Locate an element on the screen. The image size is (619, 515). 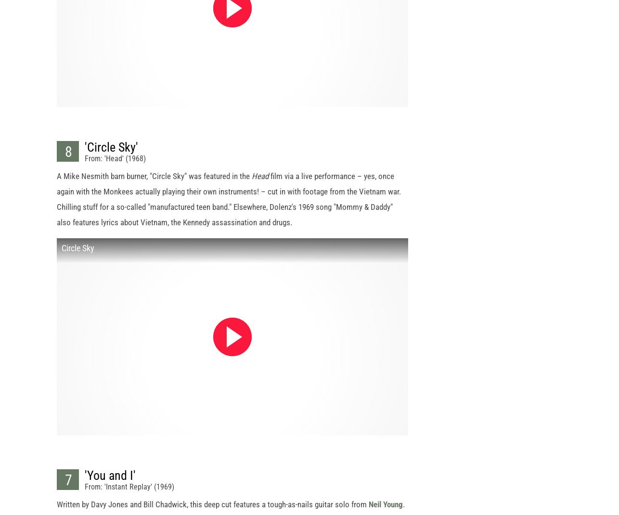
'film via a live performance – yes, once again with the Monkees actually playing their own instruments! – cut in with footage from the Vietnam war. Chilling stuff for a so-called "manufactured teen band." Elsewhere, Dolenz's 1969 song "Mommy & Daddy" also features lyrics about Vietnam, the Kennedy assassination and drugs.' is located at coordinates (228, 206).